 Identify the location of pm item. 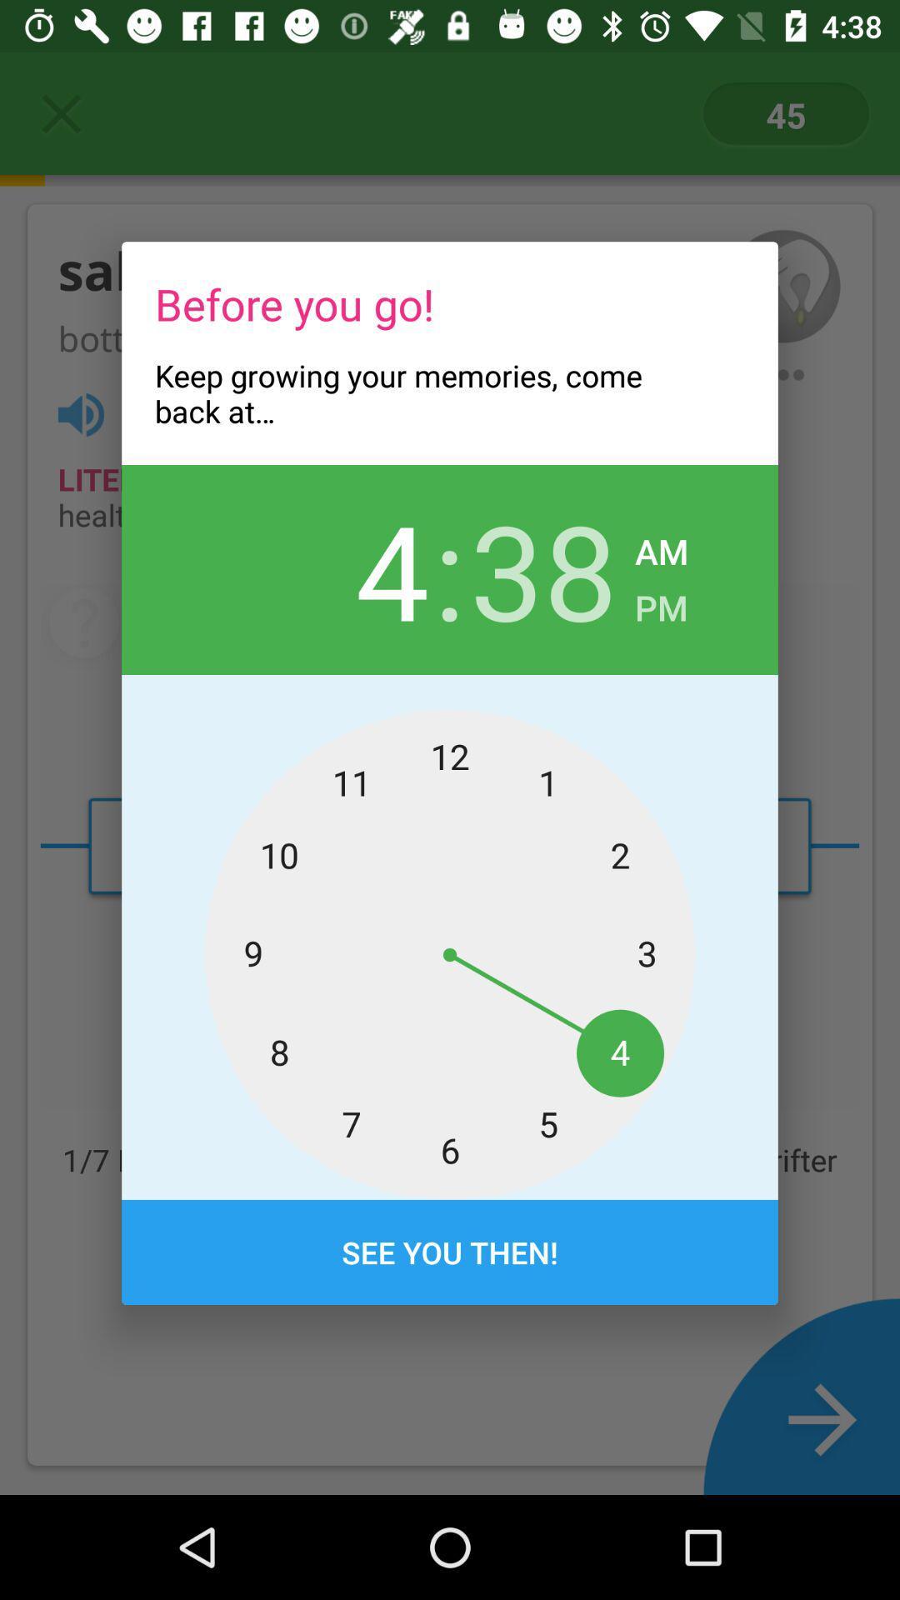
(660, 602).